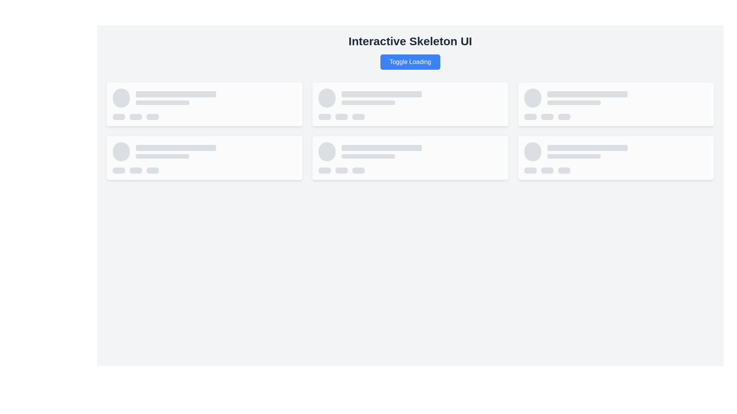 The width and height of the screenshot is (737, 414). Describe the element at coordinates (532, 152) in the screenshot. I see `the circular avatar placeholder with a gray background located at the top-right of the third card in the grid layout` at that location.